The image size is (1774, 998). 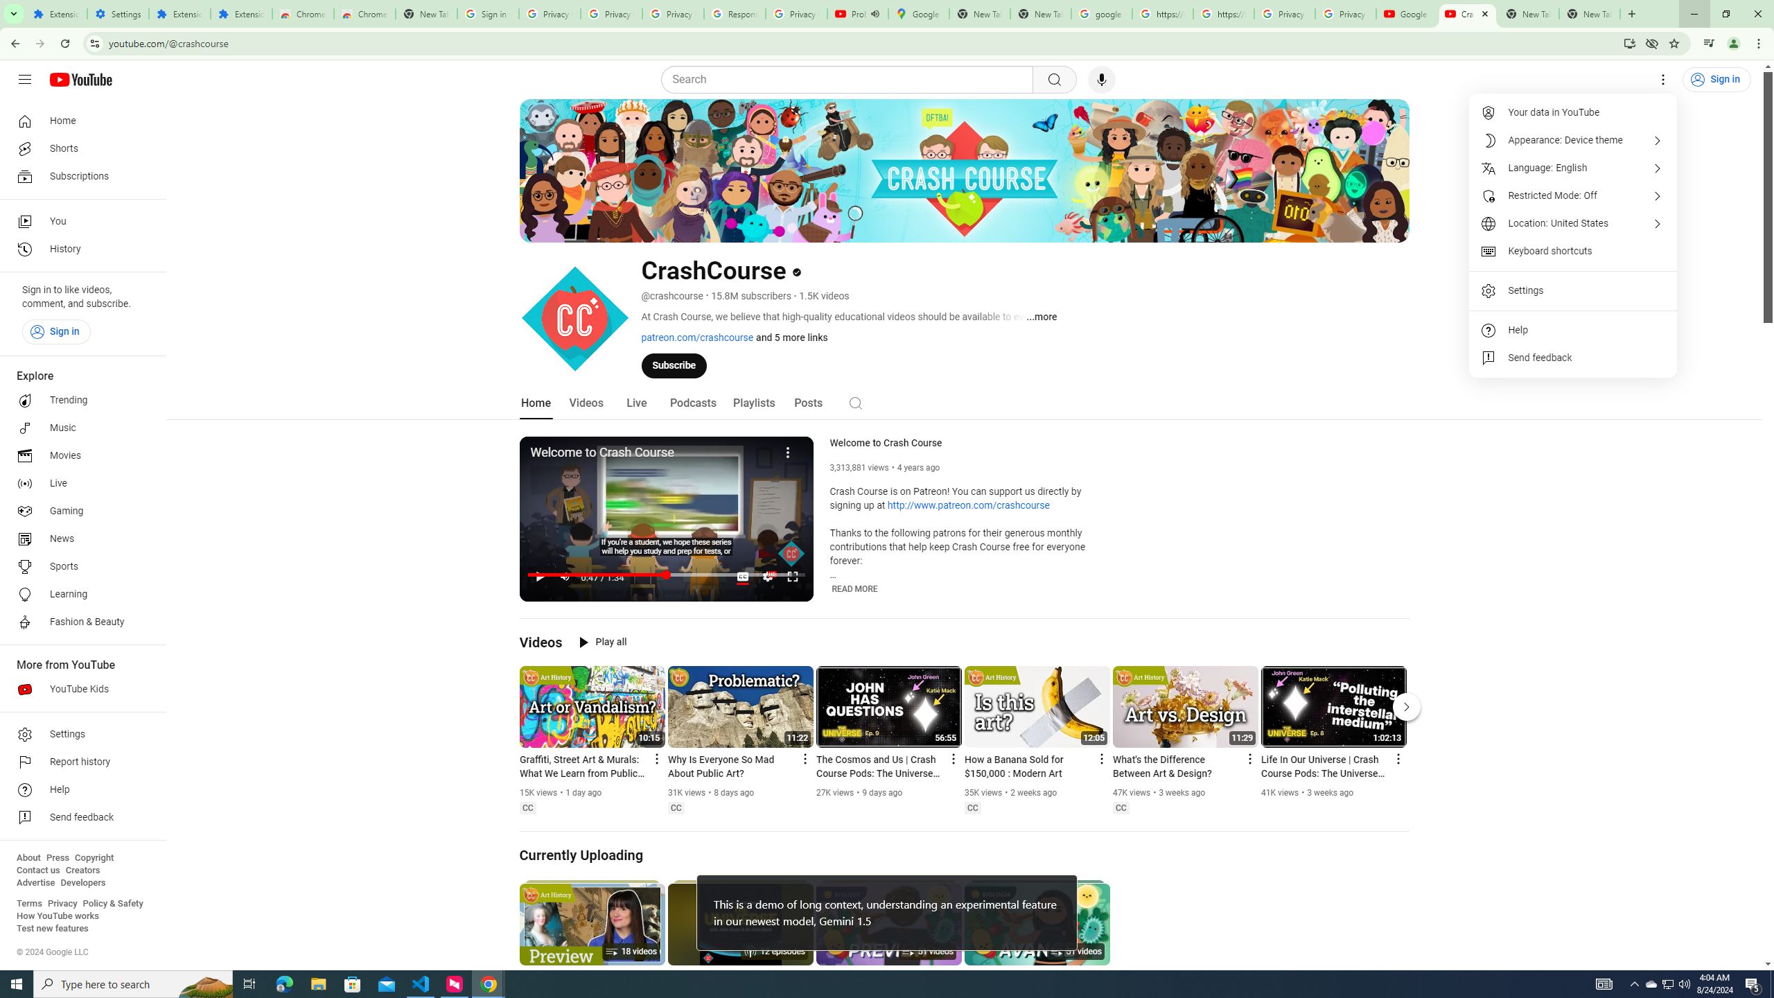 What do you see at coordinates (78, 622) in the screenshot?
I see `'Fashion & Beauty'` at bounding box center [78, 622].